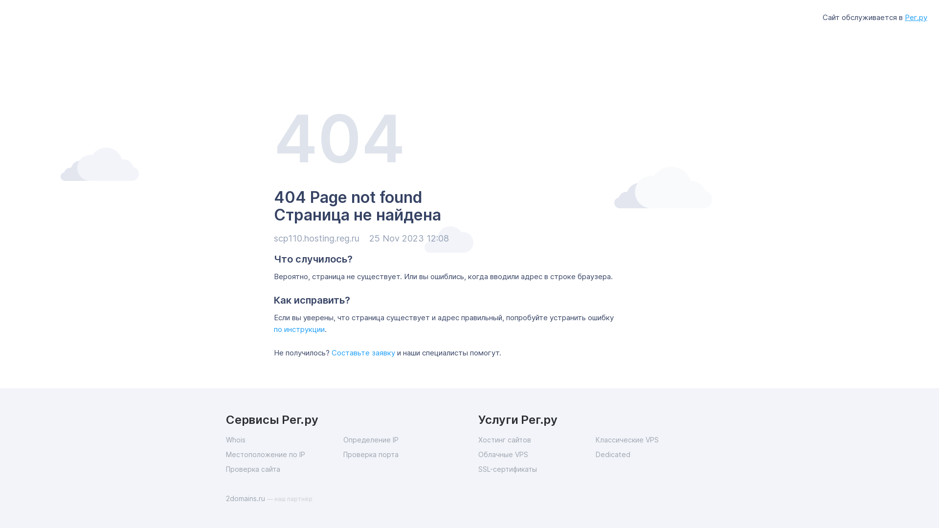 The image size is (939, 528). What do you see at coordinates (654, 454) in the screenshot?
I see `'Dedicated'` at bounding box center [654, 454].